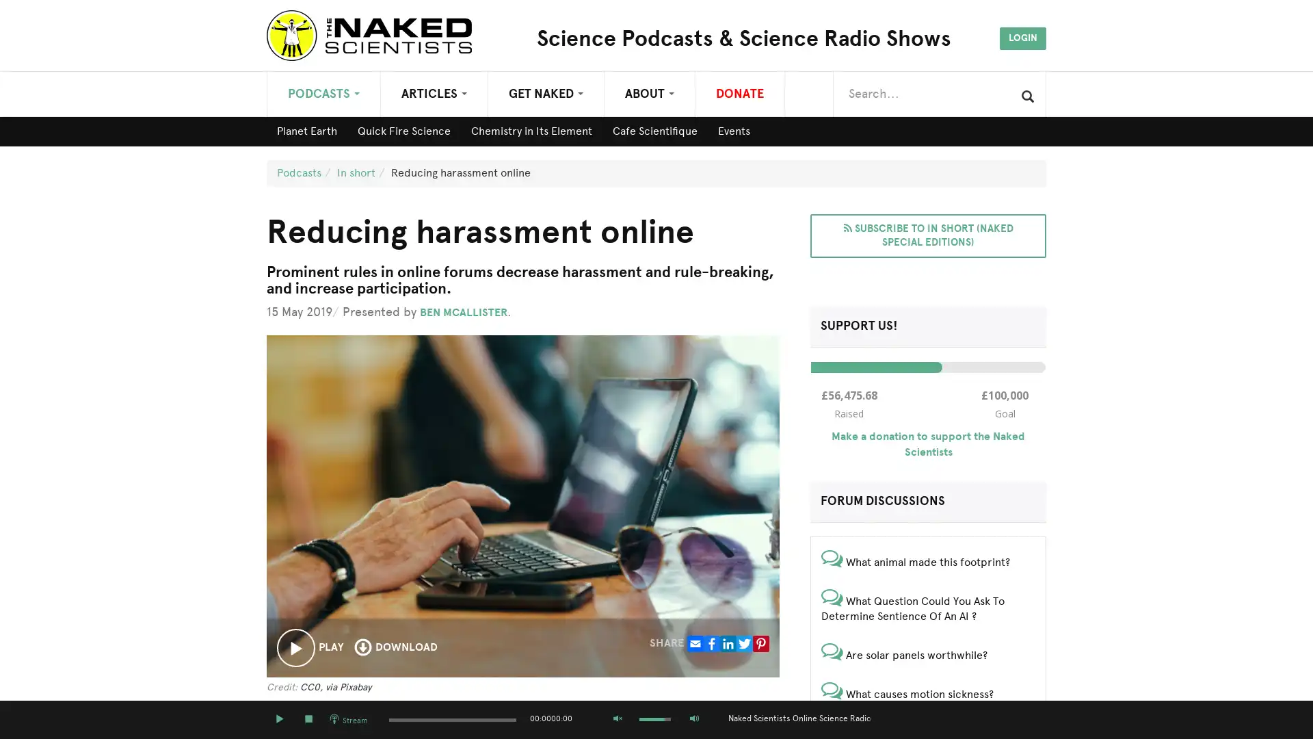 The image size is (1313, 739). I want to click on PLAY, so click(278, 719).